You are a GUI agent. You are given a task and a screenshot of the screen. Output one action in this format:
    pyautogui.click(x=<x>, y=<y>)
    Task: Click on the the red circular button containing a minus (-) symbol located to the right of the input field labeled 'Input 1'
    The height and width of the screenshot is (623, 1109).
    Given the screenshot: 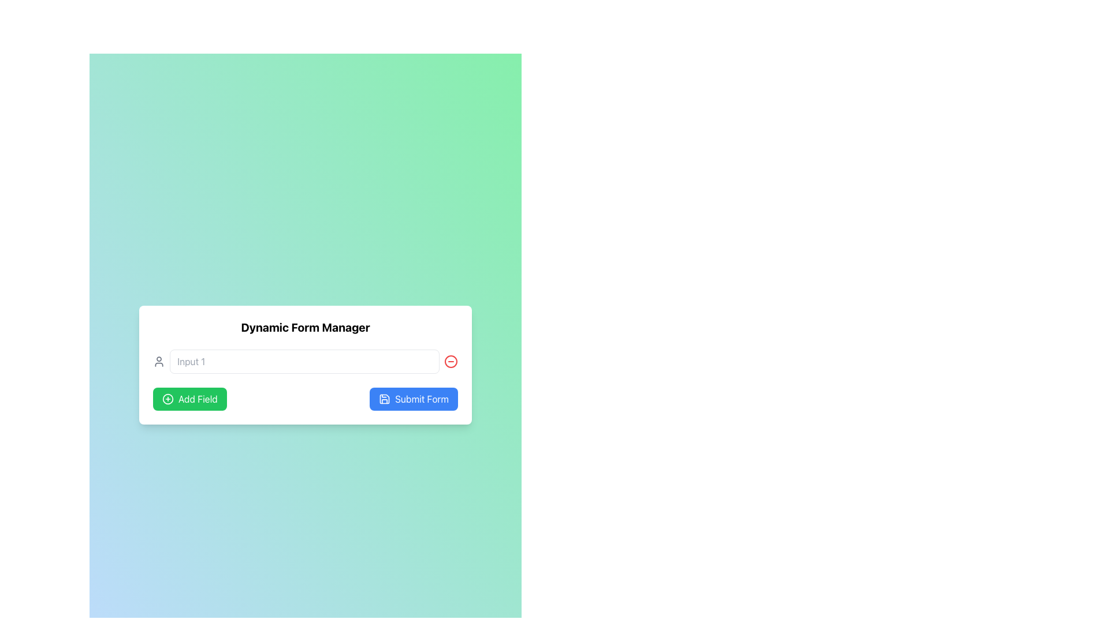 What is the action you would take?
    pyautogui.click(x=451, y=361)
    